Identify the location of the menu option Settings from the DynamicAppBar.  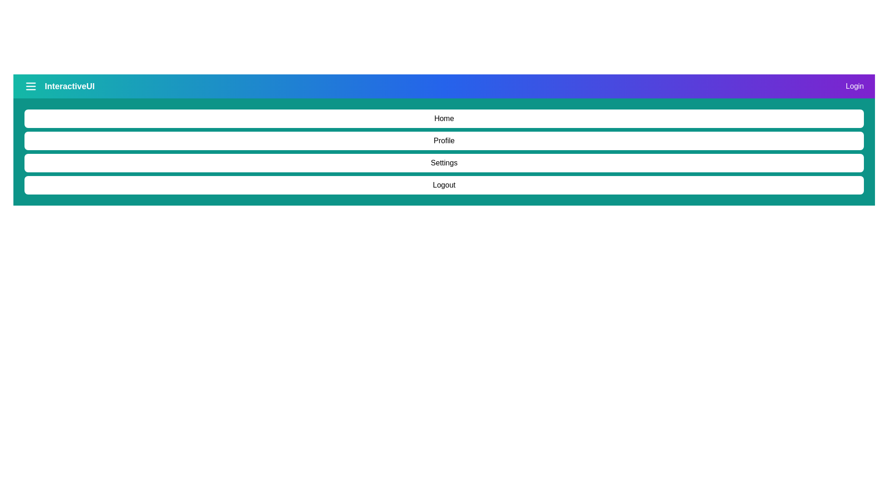
(444, 163).